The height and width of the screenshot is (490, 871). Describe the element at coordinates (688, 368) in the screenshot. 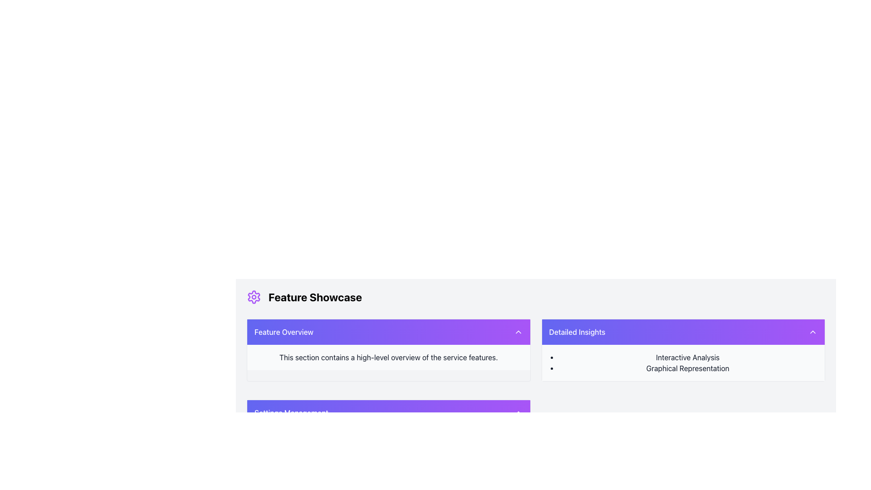

I see `the descriptive label located in the second bullet point under the 'Detailed Insights' section, directly below the 'Interactive Analysis' text` at that location.